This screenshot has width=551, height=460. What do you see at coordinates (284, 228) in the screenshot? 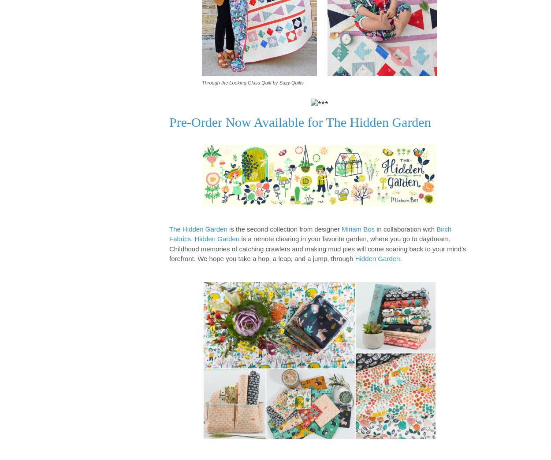
I see `'is the second collection from designer'` at bounding box center [284, 228].